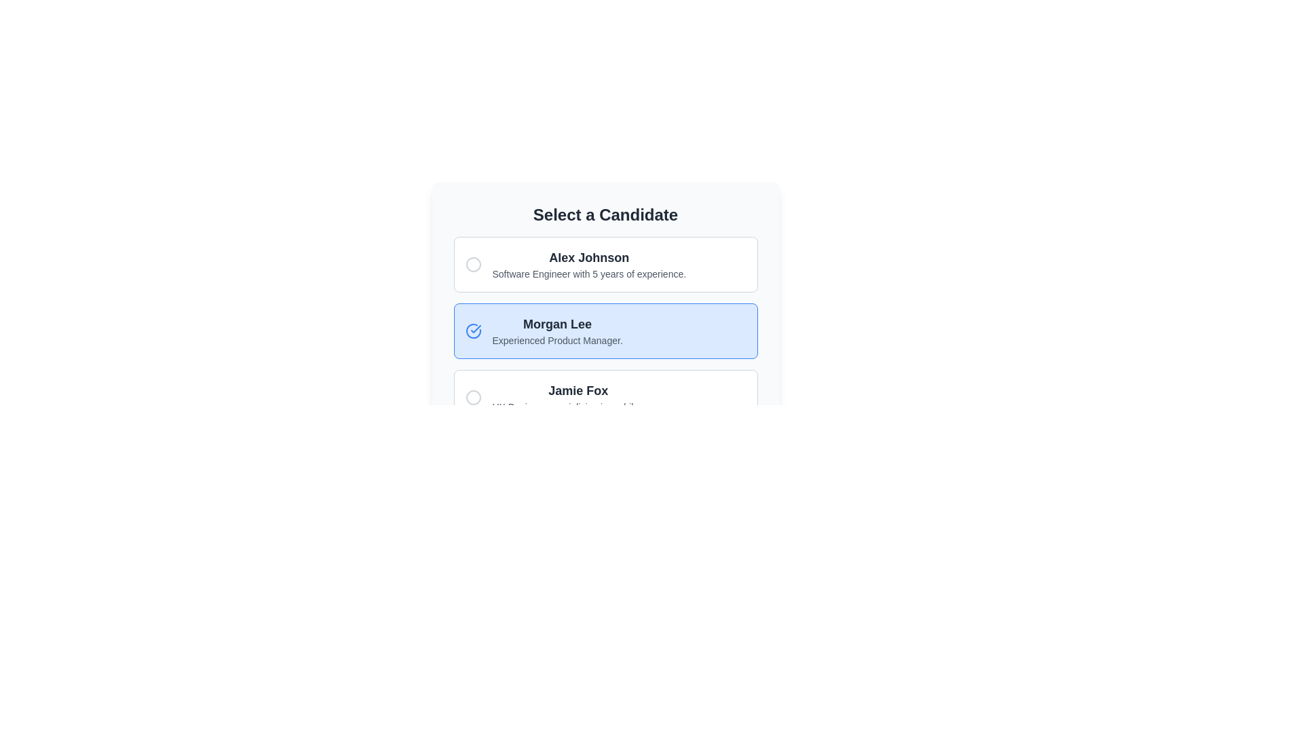  What do you see at coordinates (557, 339) in the screenshot?
I see `text element displaying 'Experienced Product Manager.' which is positioned below 'Morgan Lee' in the selection panel` at bounding box center [557, 339].